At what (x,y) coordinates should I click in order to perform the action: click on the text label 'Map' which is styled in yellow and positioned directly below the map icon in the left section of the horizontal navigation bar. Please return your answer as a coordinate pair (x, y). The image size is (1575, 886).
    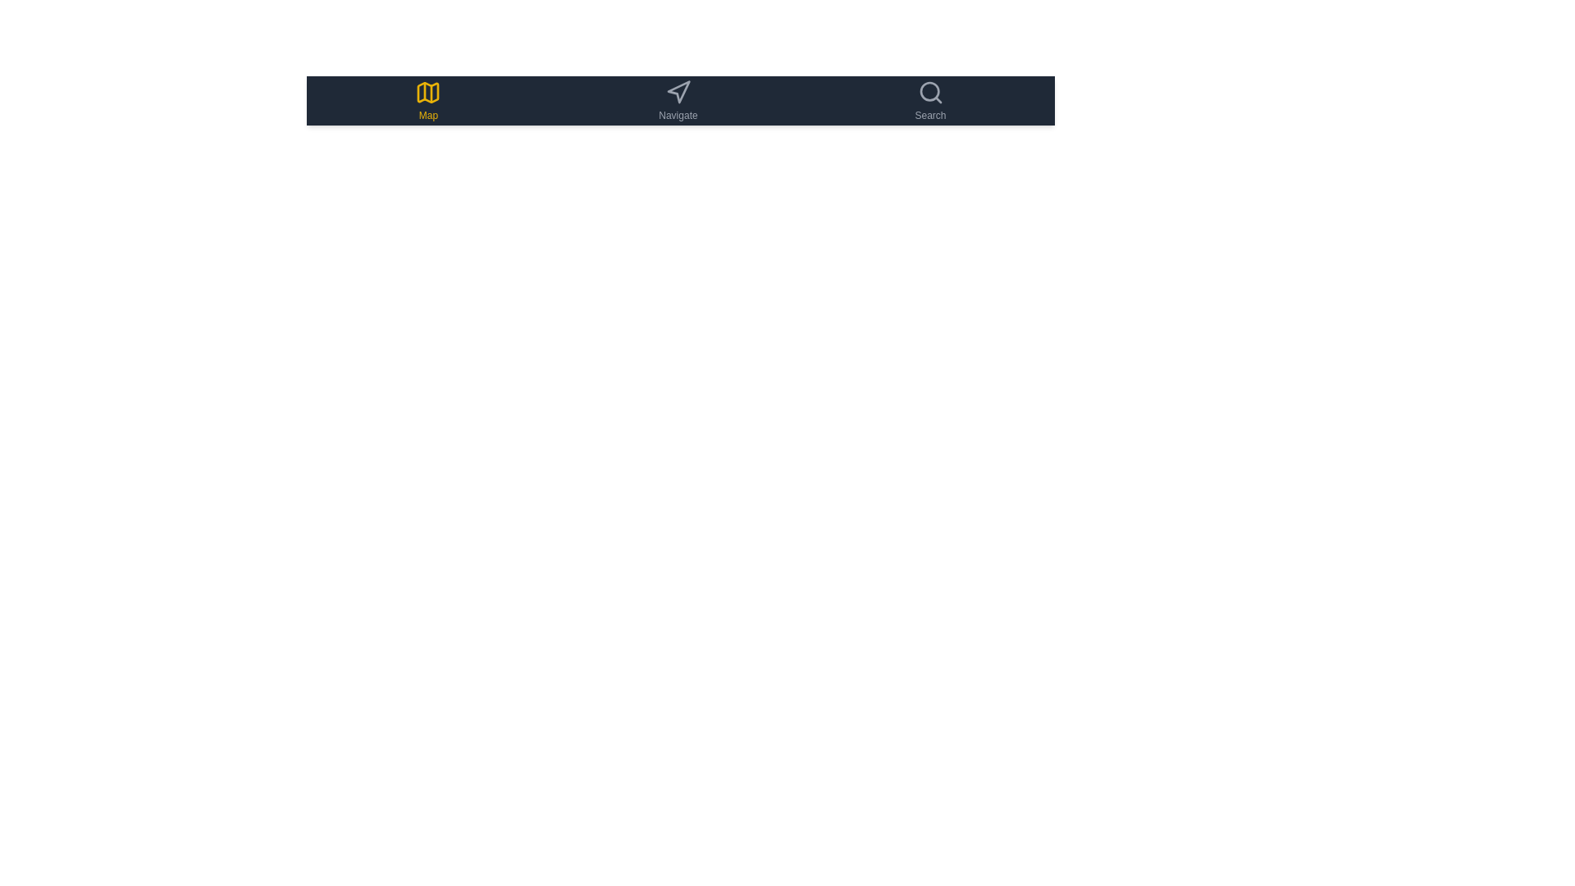
    Looking at the image, I should click on (428, 115).